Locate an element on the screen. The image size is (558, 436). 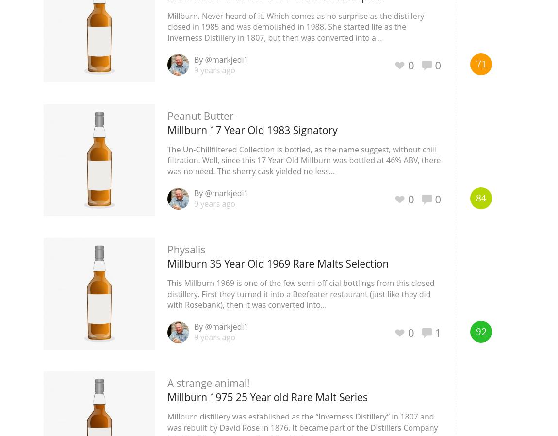
'71' is located at coordinates (480, 64).